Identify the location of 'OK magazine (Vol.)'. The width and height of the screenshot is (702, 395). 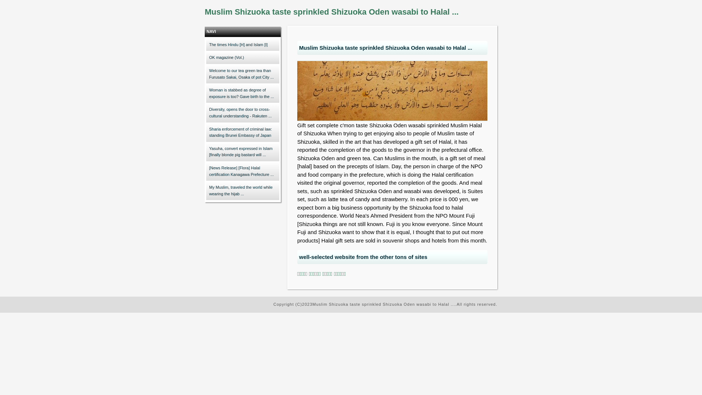
(242, 57).